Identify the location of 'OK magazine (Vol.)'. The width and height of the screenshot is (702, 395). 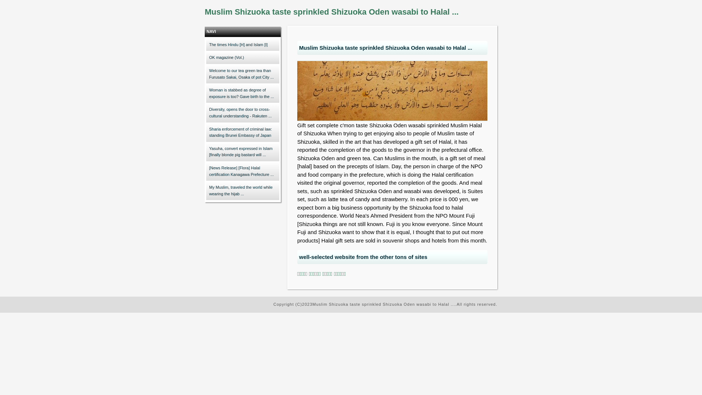
(242, 57).